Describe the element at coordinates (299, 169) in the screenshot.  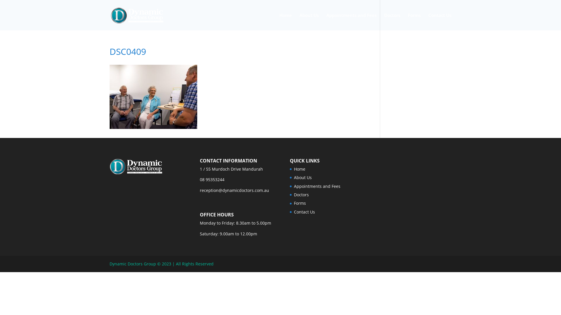
I see `'Home'` at that location.